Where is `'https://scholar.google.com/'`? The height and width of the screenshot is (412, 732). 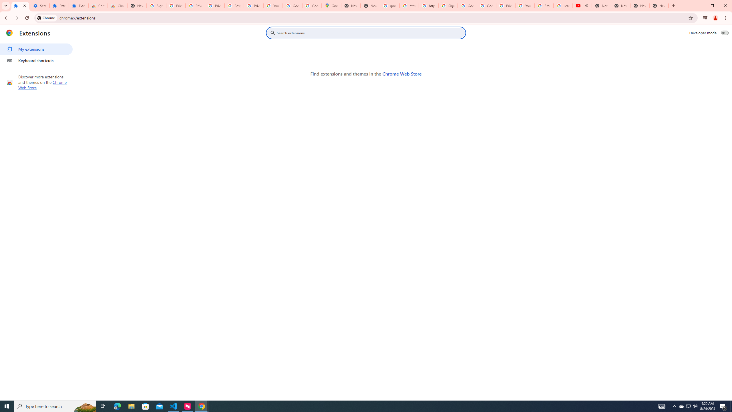 'https://scholar.google.com/' is located at coordinates (428, 5).